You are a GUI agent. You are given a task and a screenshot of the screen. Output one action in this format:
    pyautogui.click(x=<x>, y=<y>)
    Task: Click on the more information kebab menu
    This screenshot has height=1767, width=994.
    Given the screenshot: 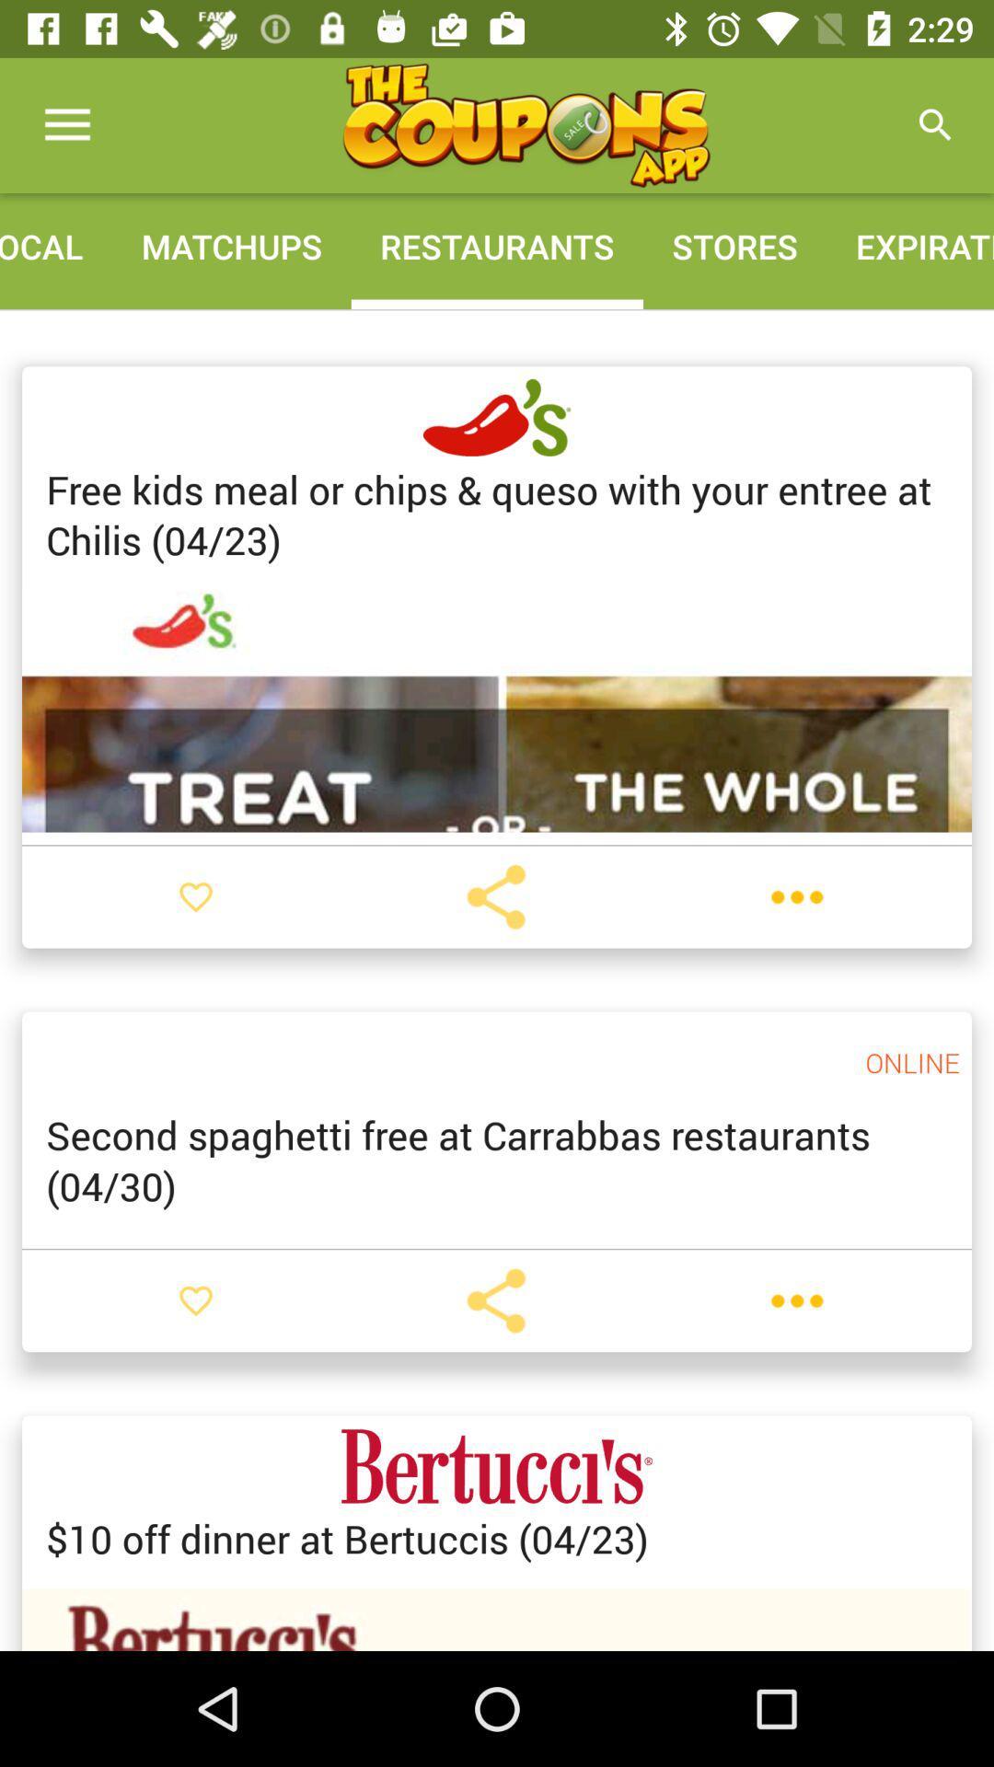 What is the action you would take?
    pyautogui.click(x=796, y=1299)
    